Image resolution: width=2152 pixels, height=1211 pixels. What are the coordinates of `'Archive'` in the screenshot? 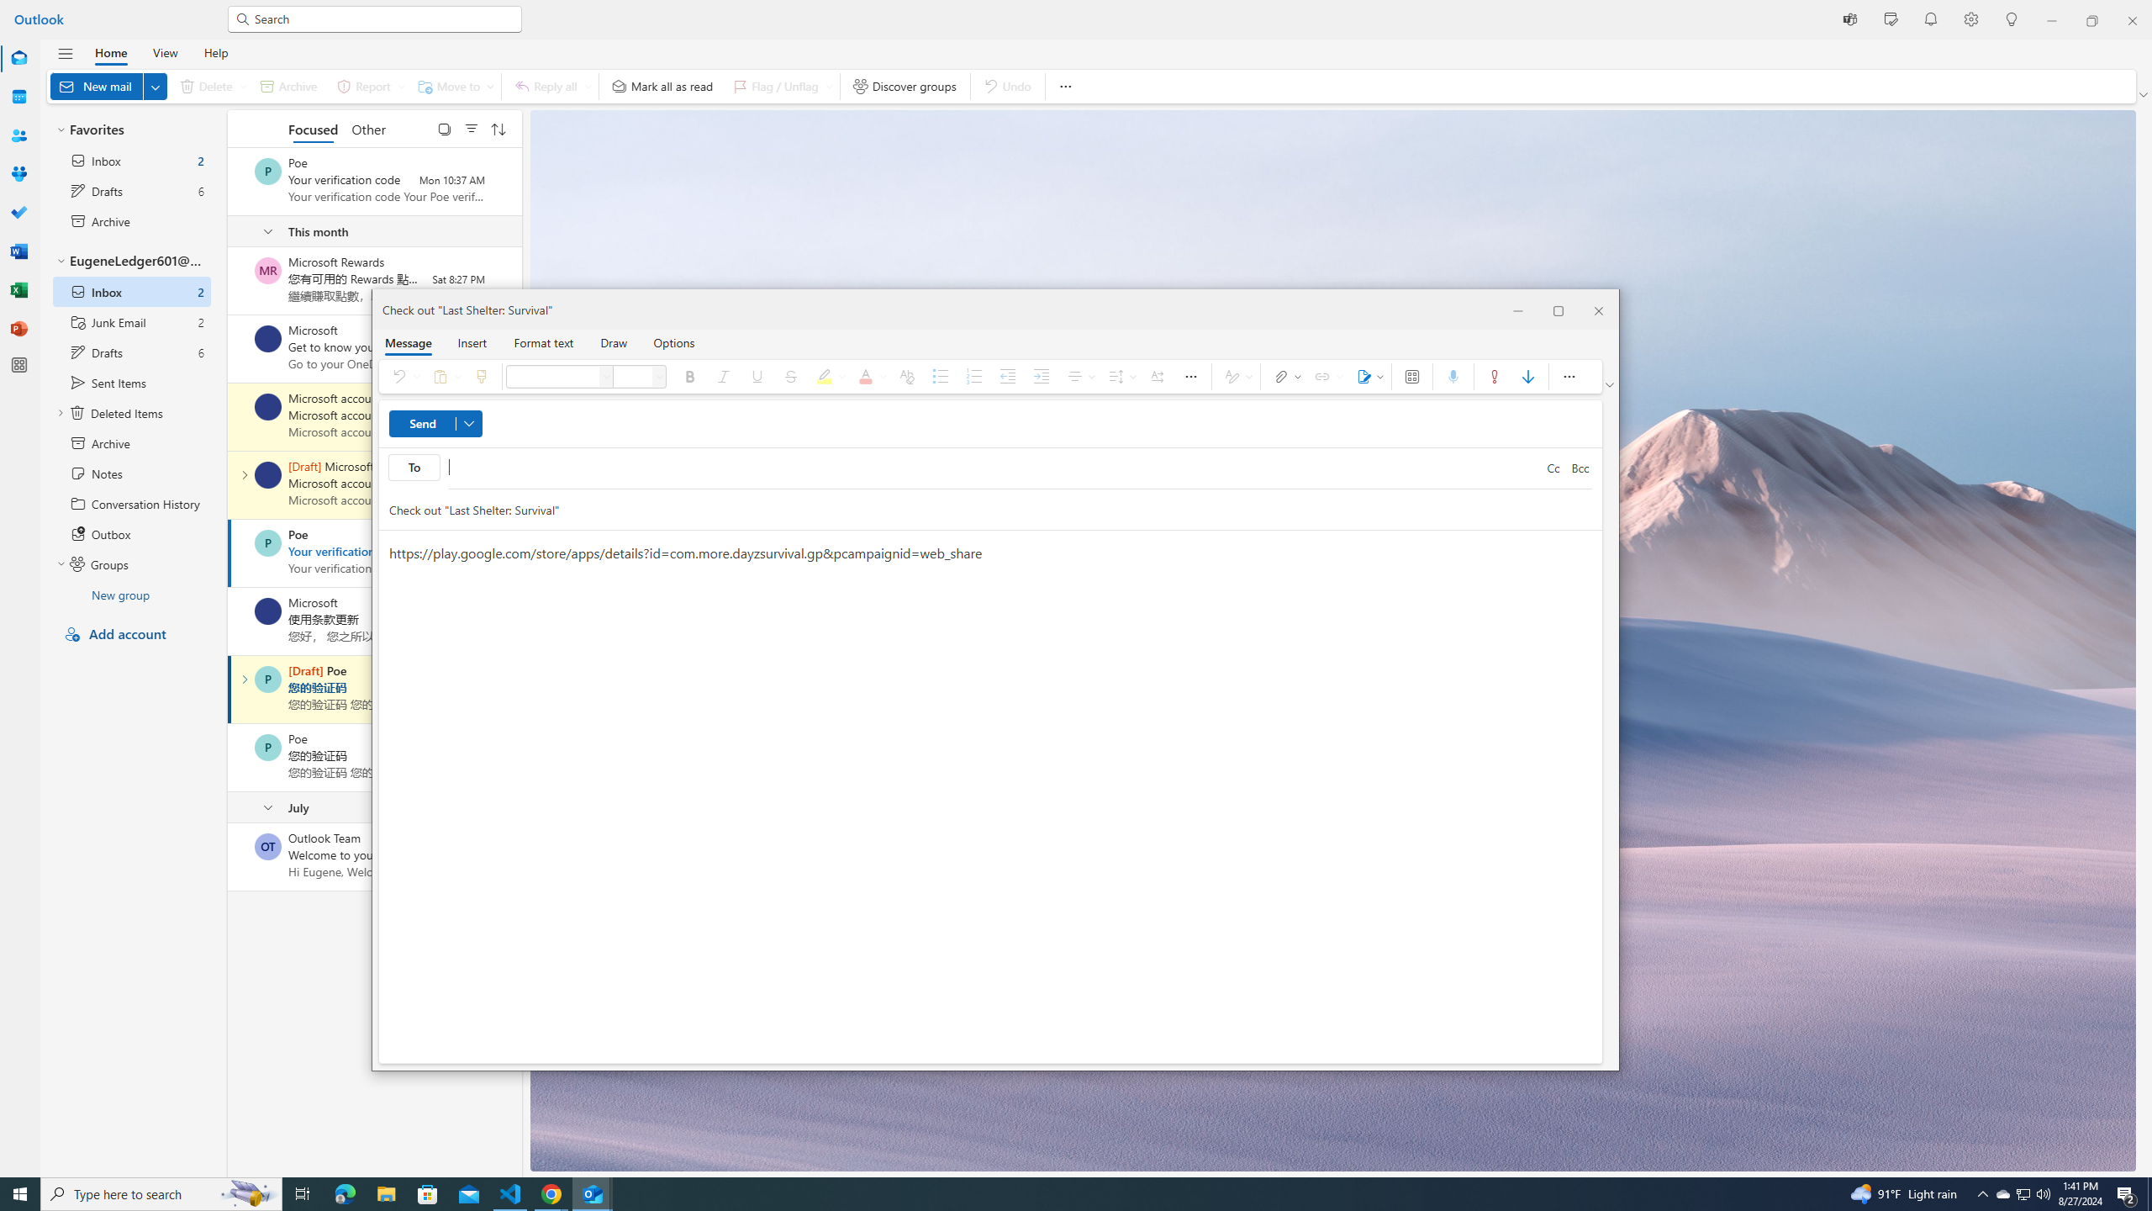 It's located at (287, 86).